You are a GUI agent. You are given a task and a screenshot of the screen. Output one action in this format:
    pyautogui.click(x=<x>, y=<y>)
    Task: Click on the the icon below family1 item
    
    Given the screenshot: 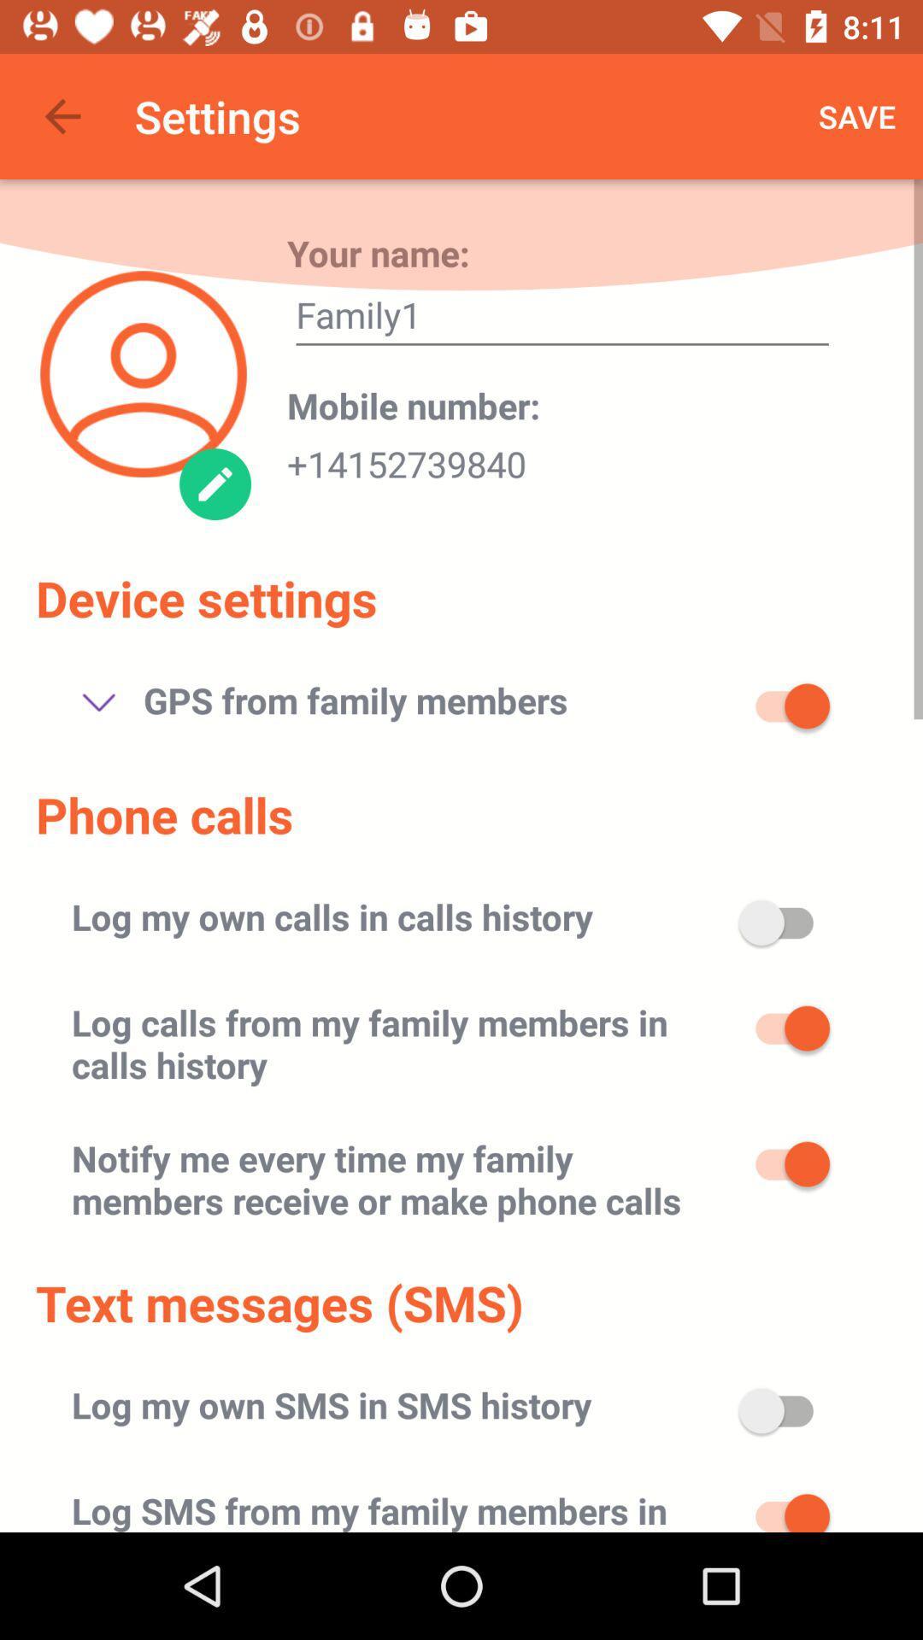 What is the action you would take?
    pyautogui.click(x=414, y=404)
    